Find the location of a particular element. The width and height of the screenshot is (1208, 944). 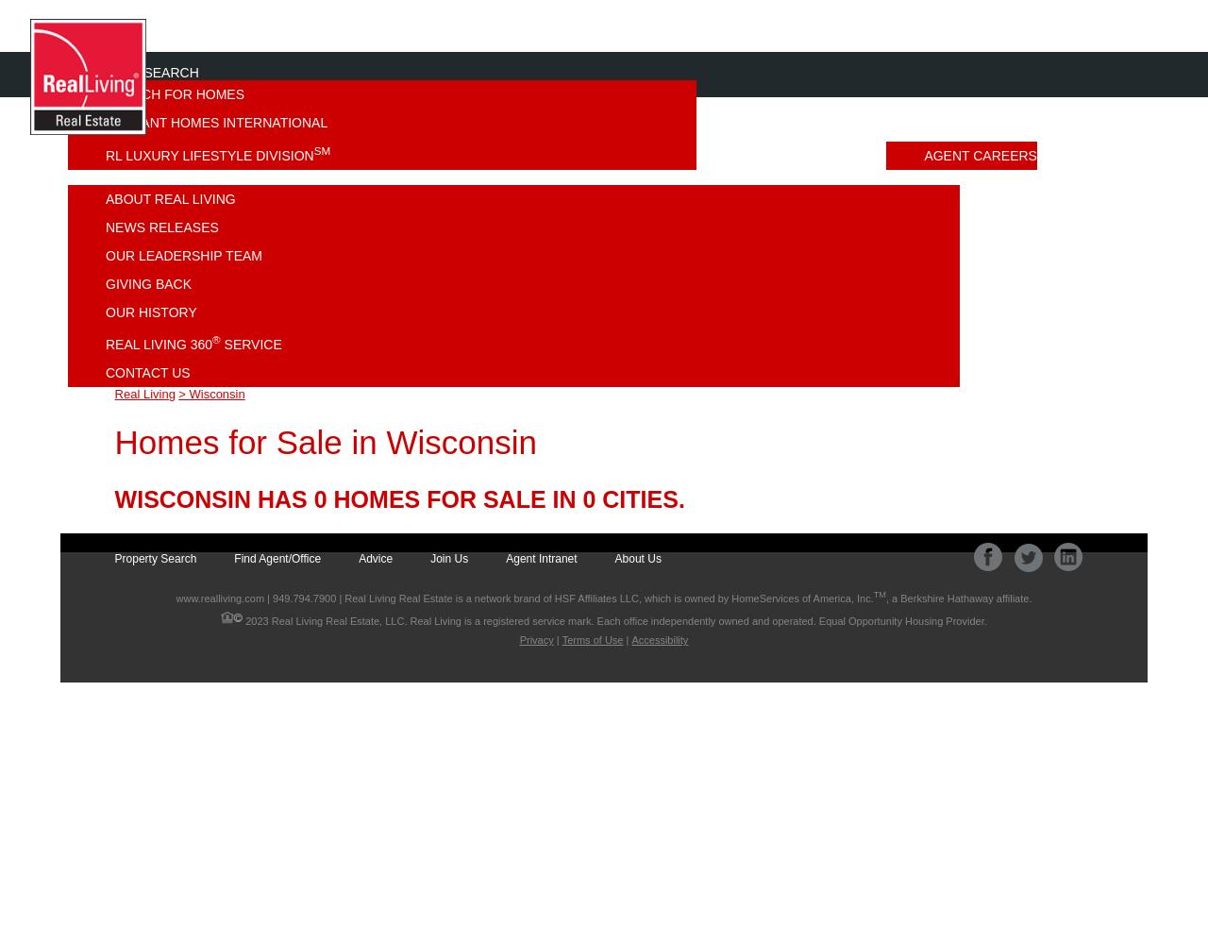

'SM' is located at coordinates (321, 150).